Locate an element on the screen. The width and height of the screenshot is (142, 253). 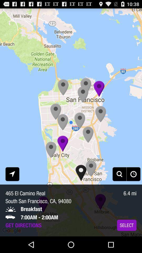
select item is located at coordinates (126, 225).